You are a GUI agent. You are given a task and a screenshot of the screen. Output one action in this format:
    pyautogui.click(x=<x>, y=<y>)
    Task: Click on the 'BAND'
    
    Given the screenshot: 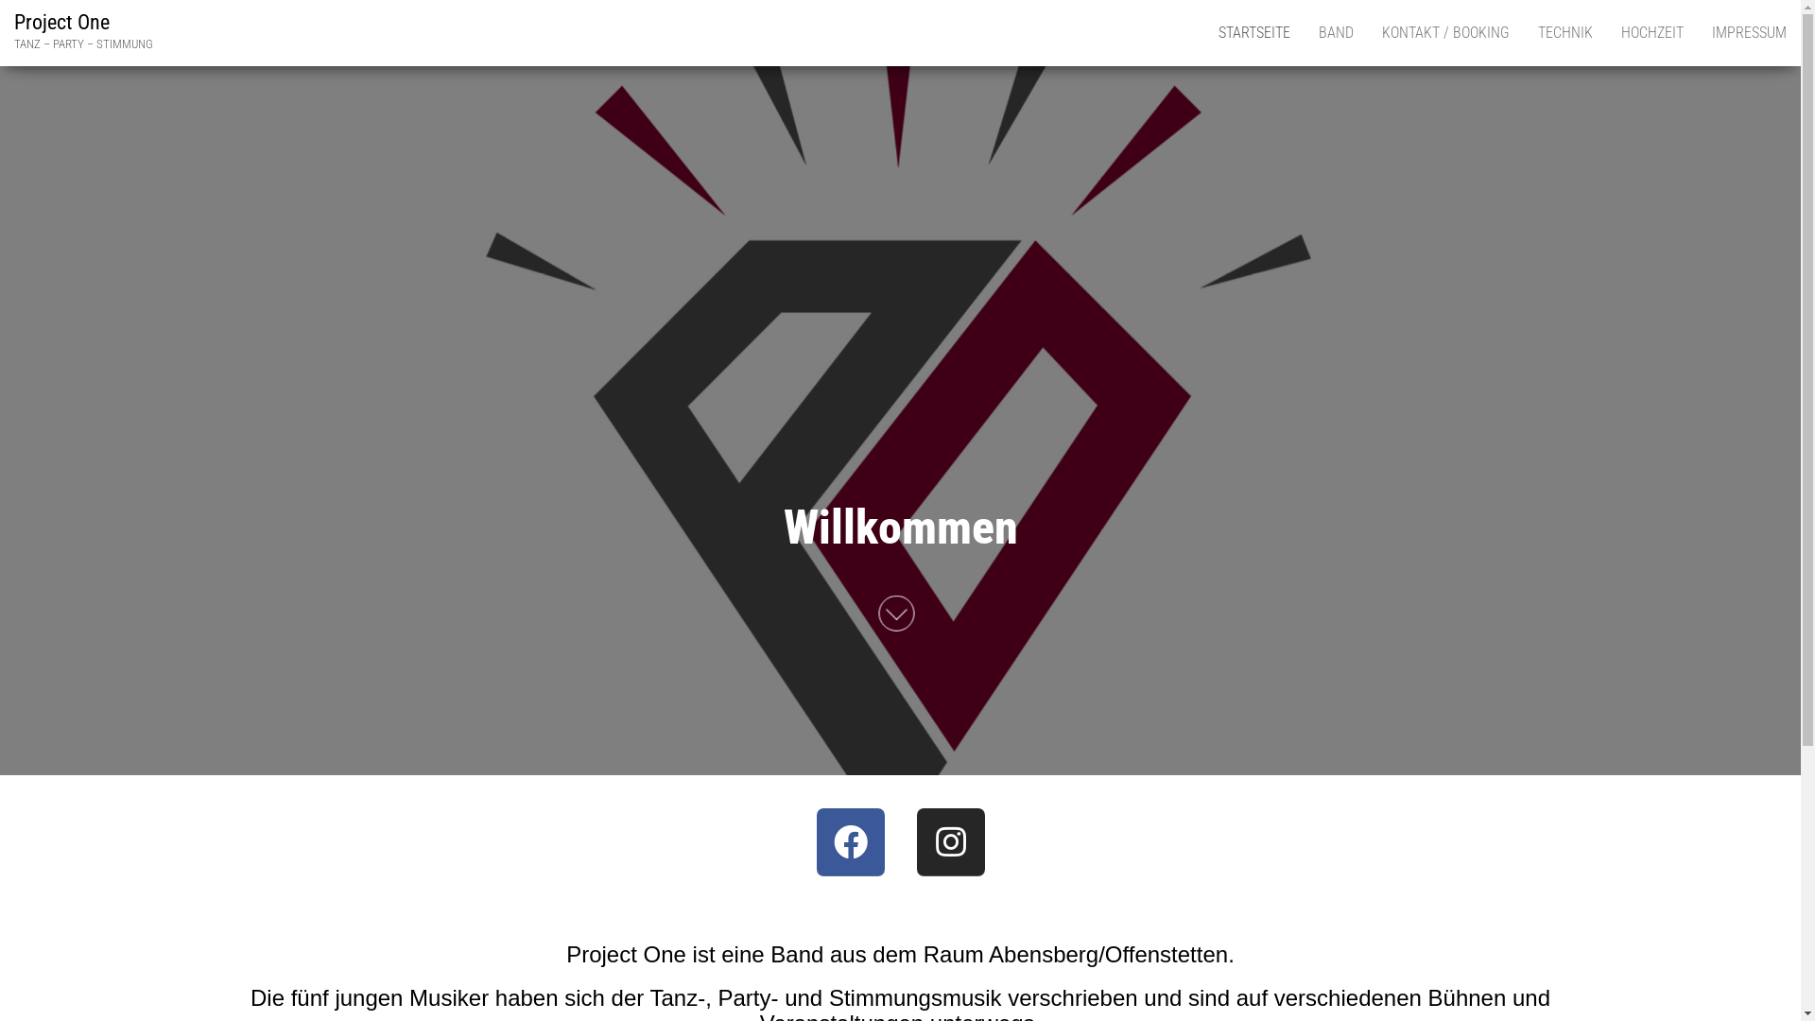 What is the action you would take?
    pyautogui.click(x=1335, y=32)
    